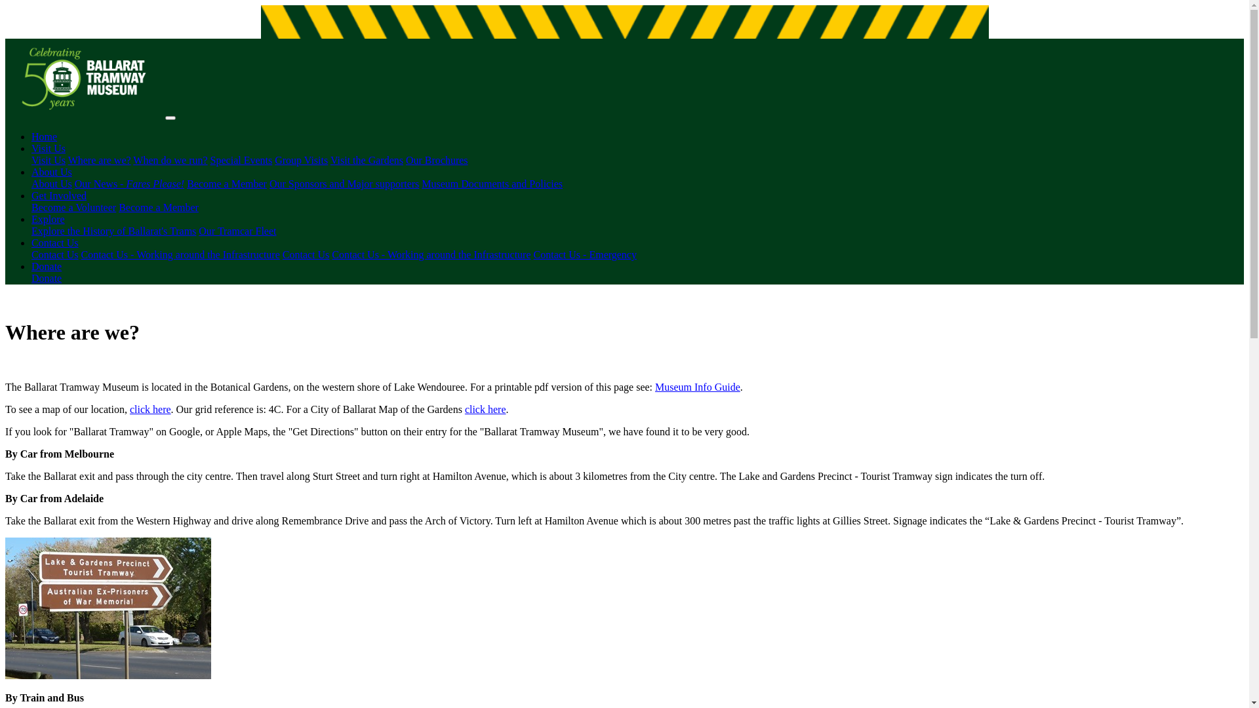  What do you see at coordinates (437, 159) in the screenshot?
I see `'Our Brochures'` at bounding box center [437, 159].